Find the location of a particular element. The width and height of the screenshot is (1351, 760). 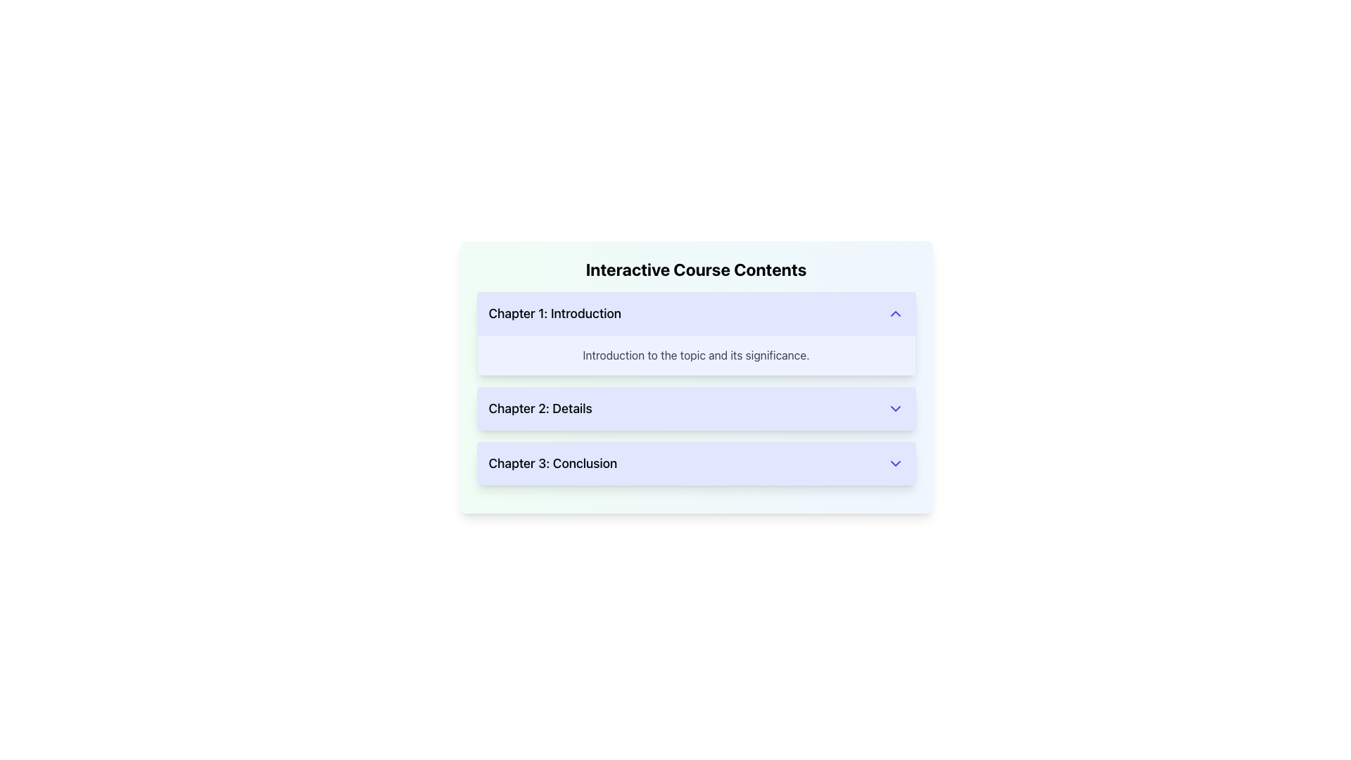

the collapsible button for 'Chapter 3: Conclusion' is located at coordinates (696, 464).